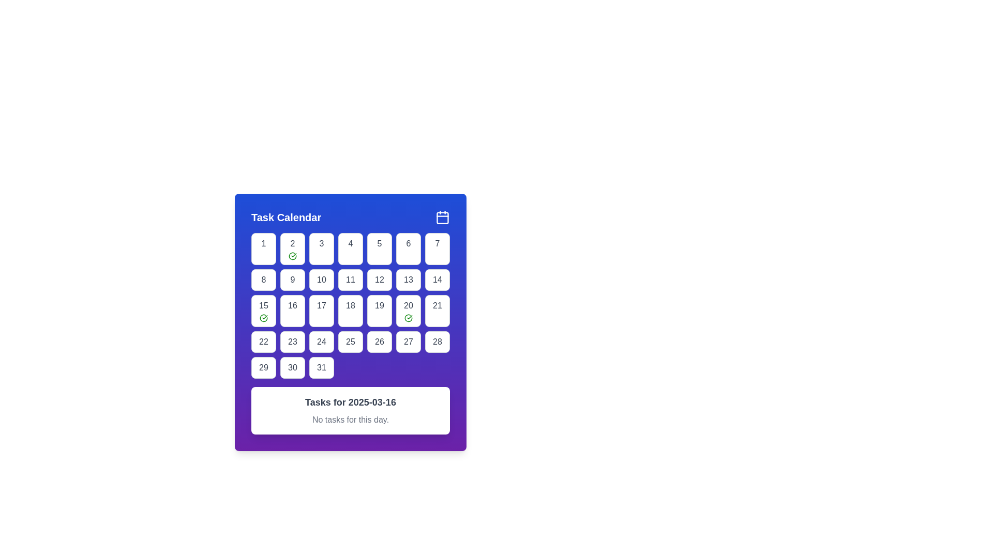  Describe the element at coordinates (263, 310) in the screenshot. I see `the calendar day tile representing the 15th day, which is styled as a rectangular button with a rounded border, featuring a gray number '15' and a green checkmark icon` at that location.